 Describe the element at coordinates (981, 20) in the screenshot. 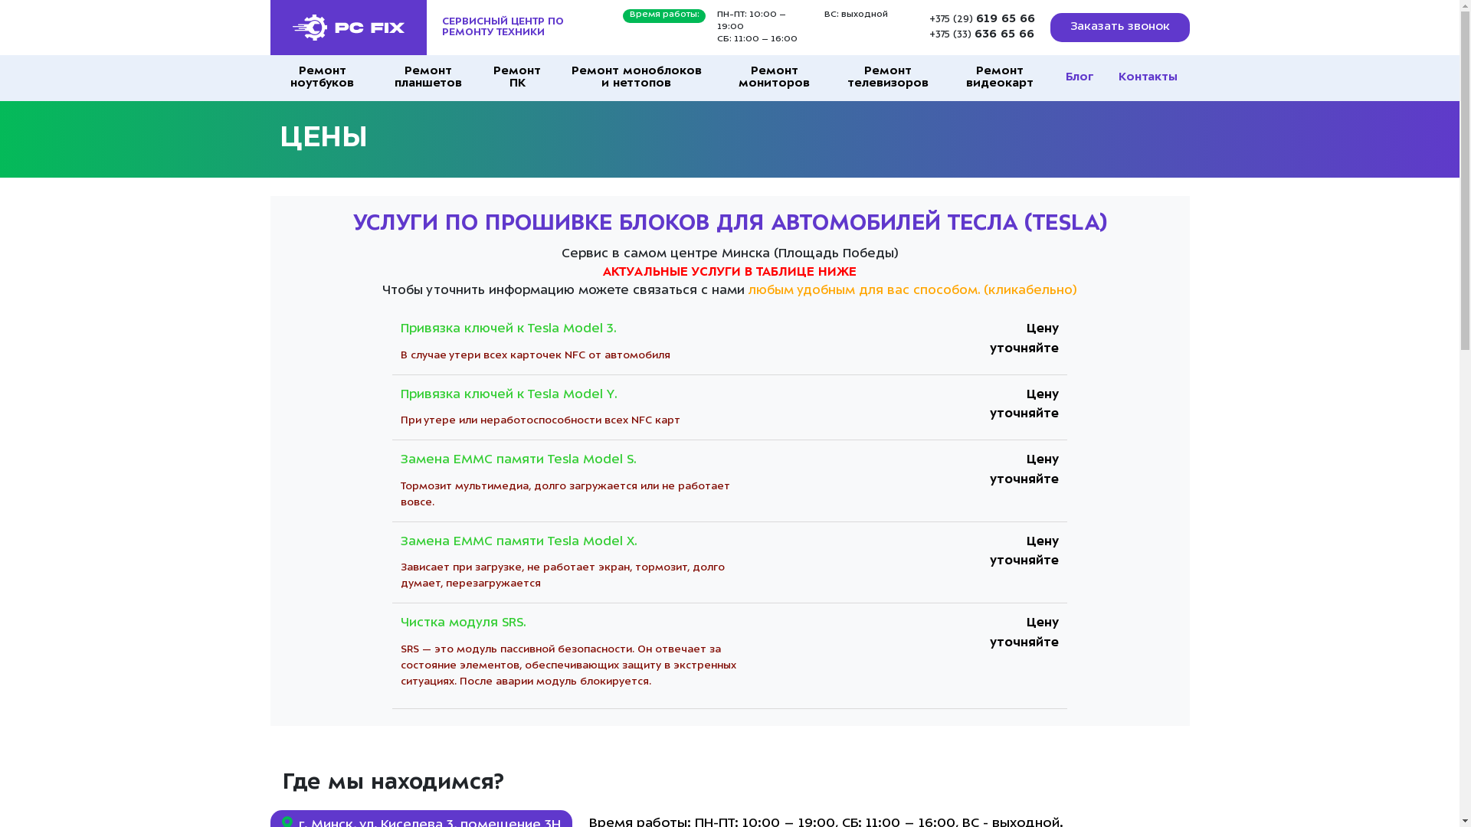

I see `'+375 (29) 619 65 66'` at that location.